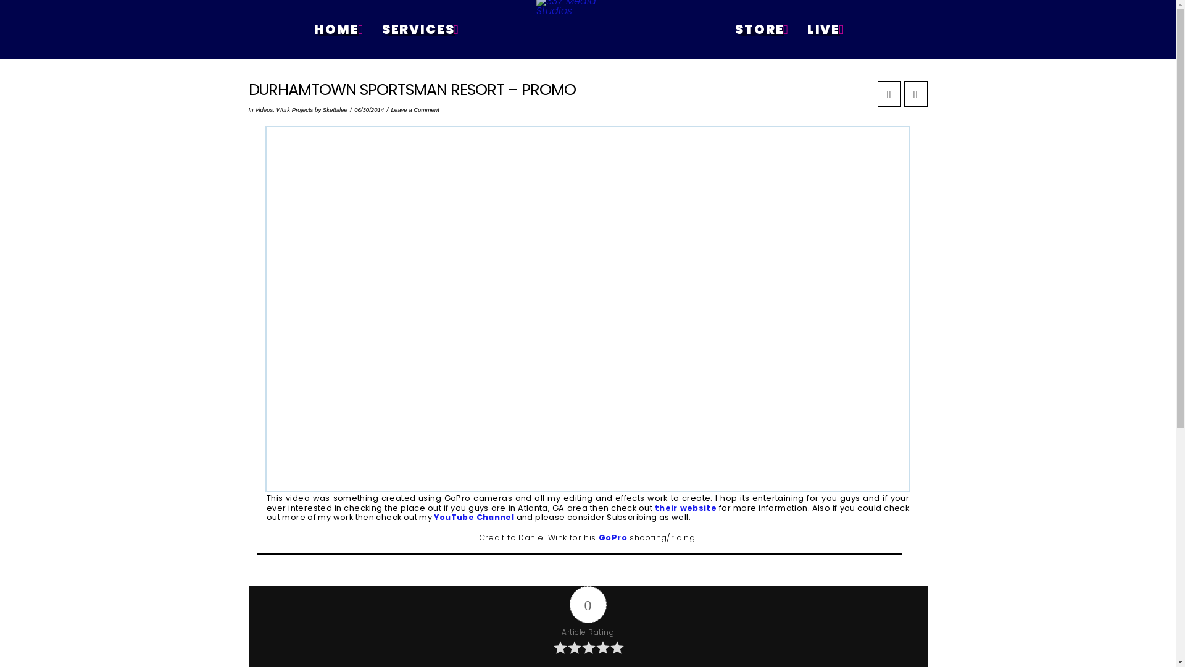 Image resolution: width=1185 pixels, height=667 pixels. What do you see at coordinates (390, 109) in the screenshot?
I see `'Leave a Comment'` at bounding box center [390, 109].